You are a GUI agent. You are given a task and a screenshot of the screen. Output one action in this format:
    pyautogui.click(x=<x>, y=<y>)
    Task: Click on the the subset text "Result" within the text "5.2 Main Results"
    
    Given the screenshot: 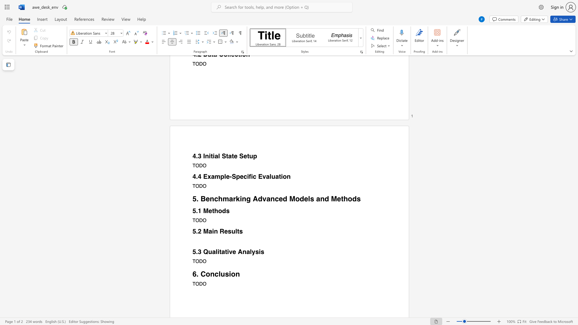 What is the action you would take?
    pyautogui.click(x=219, y=231)
    